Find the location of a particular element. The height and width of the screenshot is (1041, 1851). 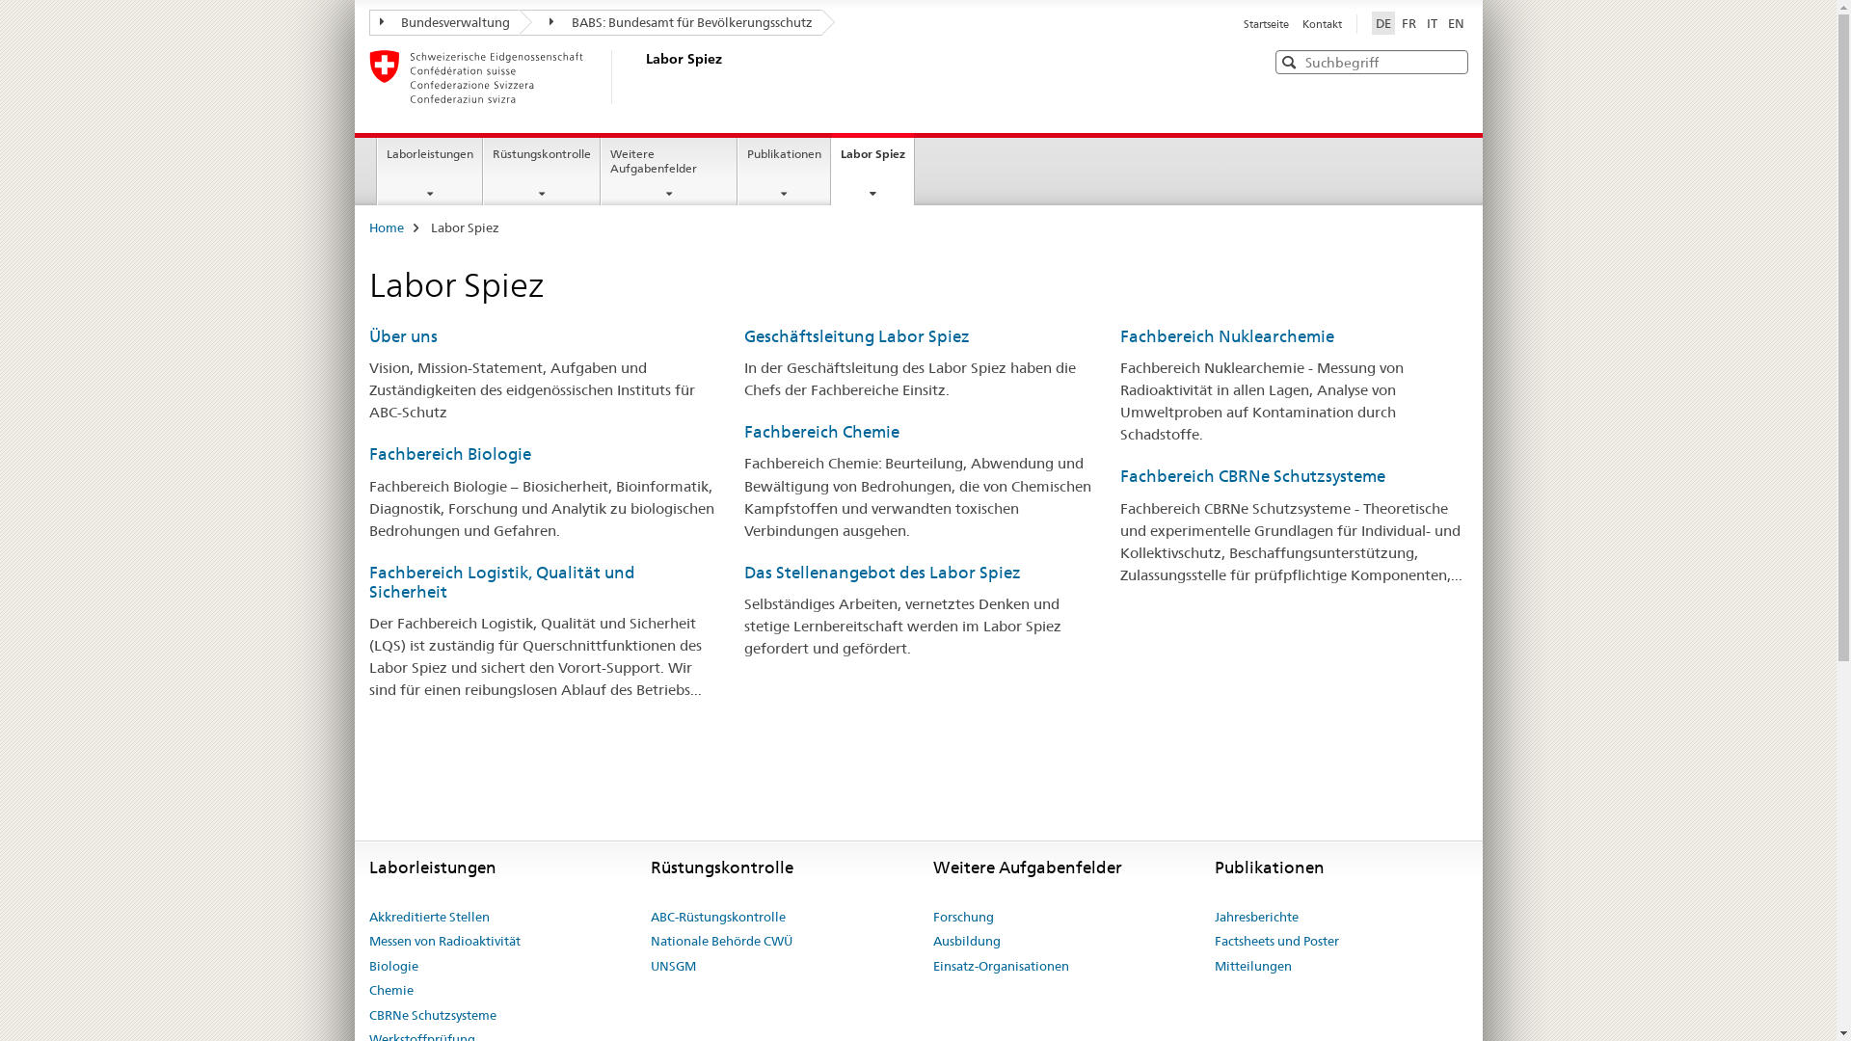

'Factsheets und Poster' is located at coordinates (1213, 940).